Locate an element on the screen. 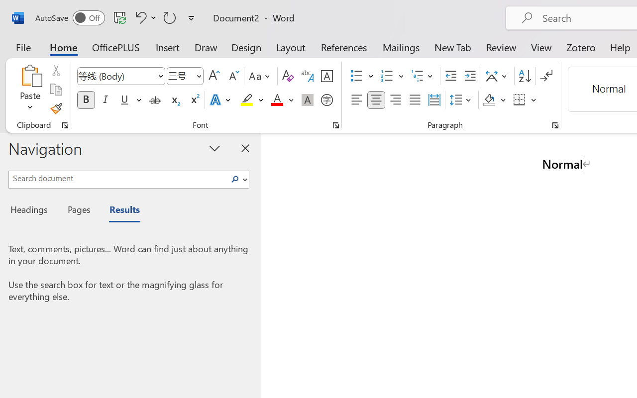 This screenshot has height=398, width=637. 'Layout' is located at coordinates (290, 47).